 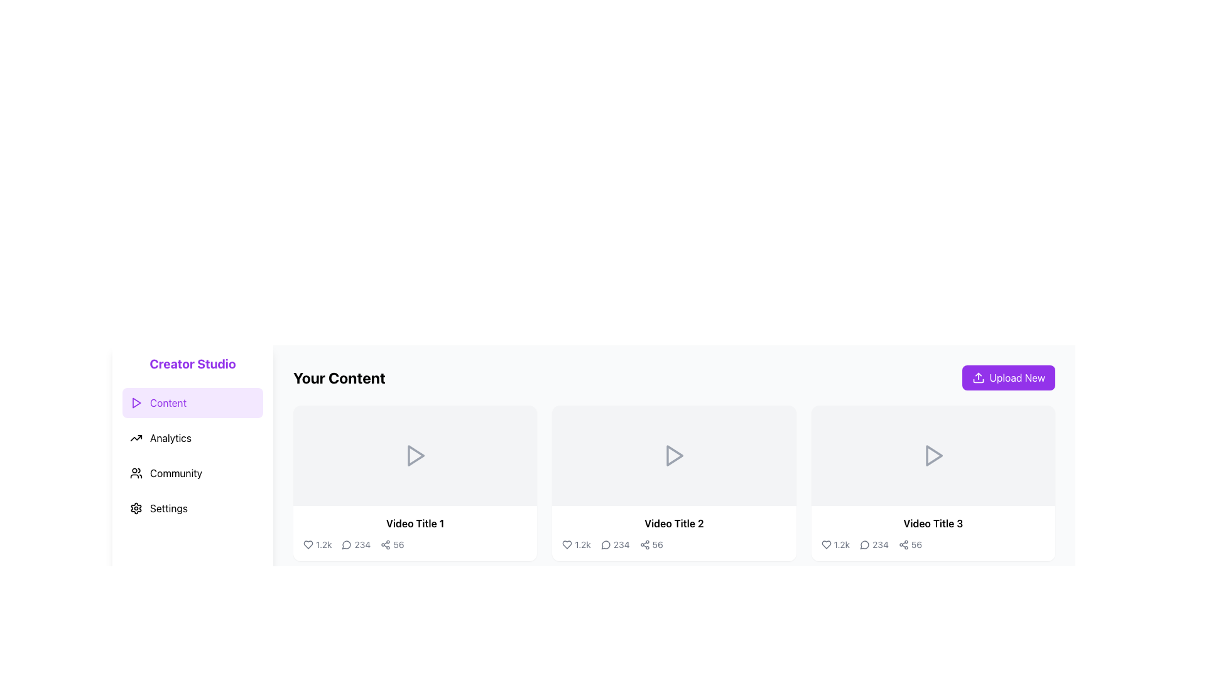 What do you see at coordinates (842, 544) in the screenshot?
I see `the likes count text element located in the likes section of the item card for 'Video Title 3', which is positioned to the right of the heart-shaped icon` at bounding box center [842, 544].